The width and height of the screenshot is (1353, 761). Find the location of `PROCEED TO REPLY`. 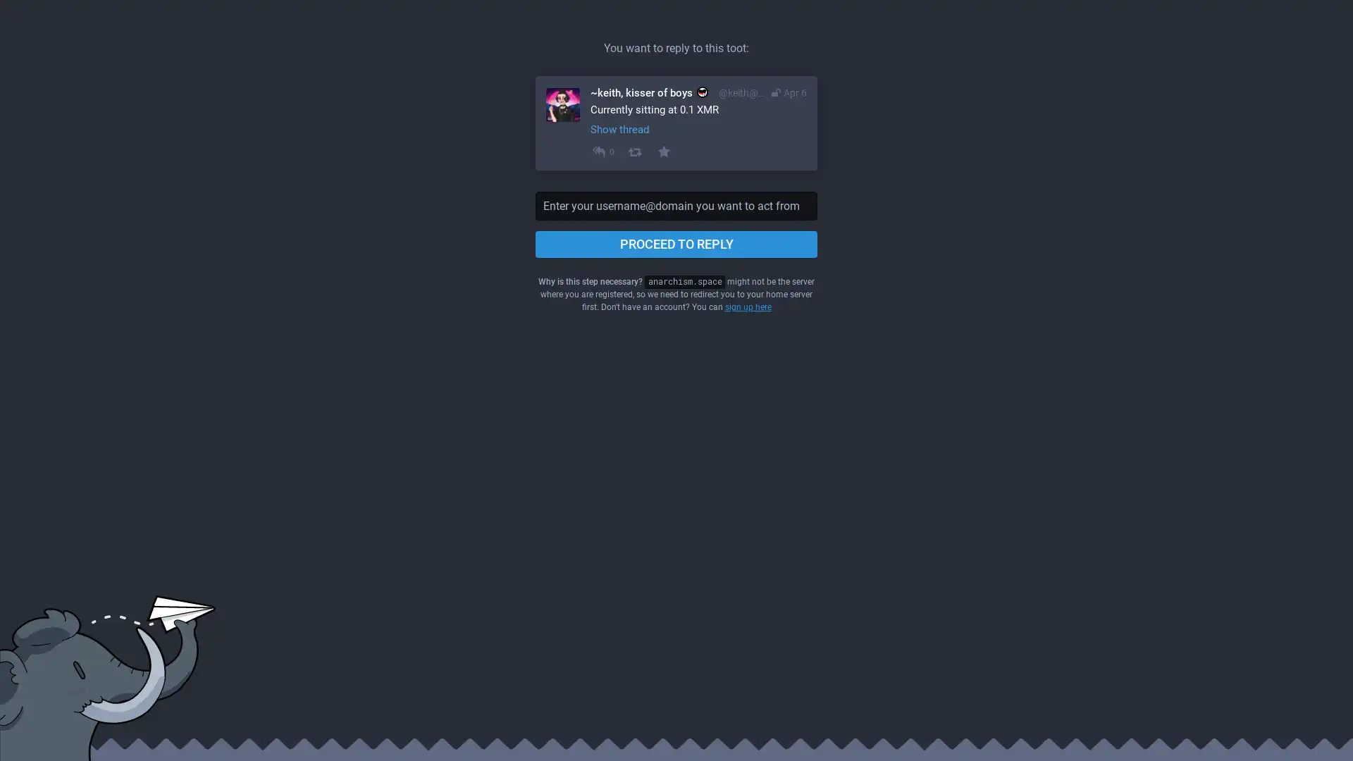

PROCEED TO REPLY is located at coordinates (676, 244).